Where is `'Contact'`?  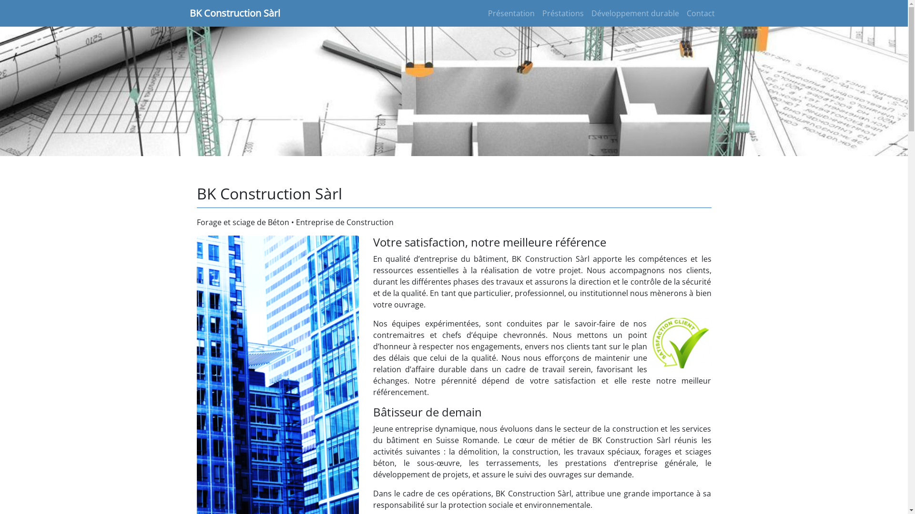 'Contact' is located at coordinates (700, 13).